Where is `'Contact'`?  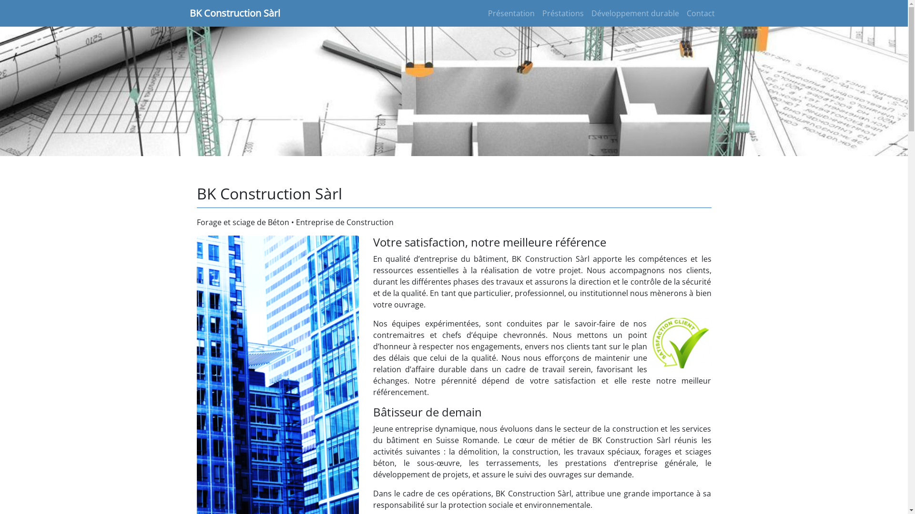 'Contact' is located at coordinates (700, 13).